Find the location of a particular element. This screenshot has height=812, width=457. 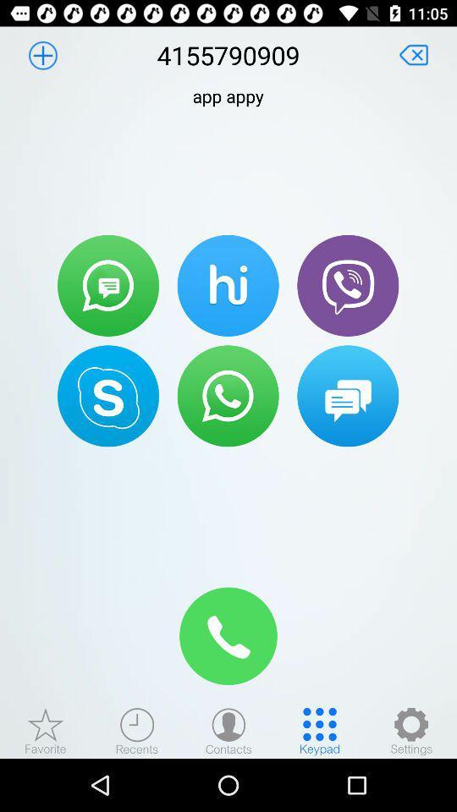

the close icon is located at coordinates (413, 55).